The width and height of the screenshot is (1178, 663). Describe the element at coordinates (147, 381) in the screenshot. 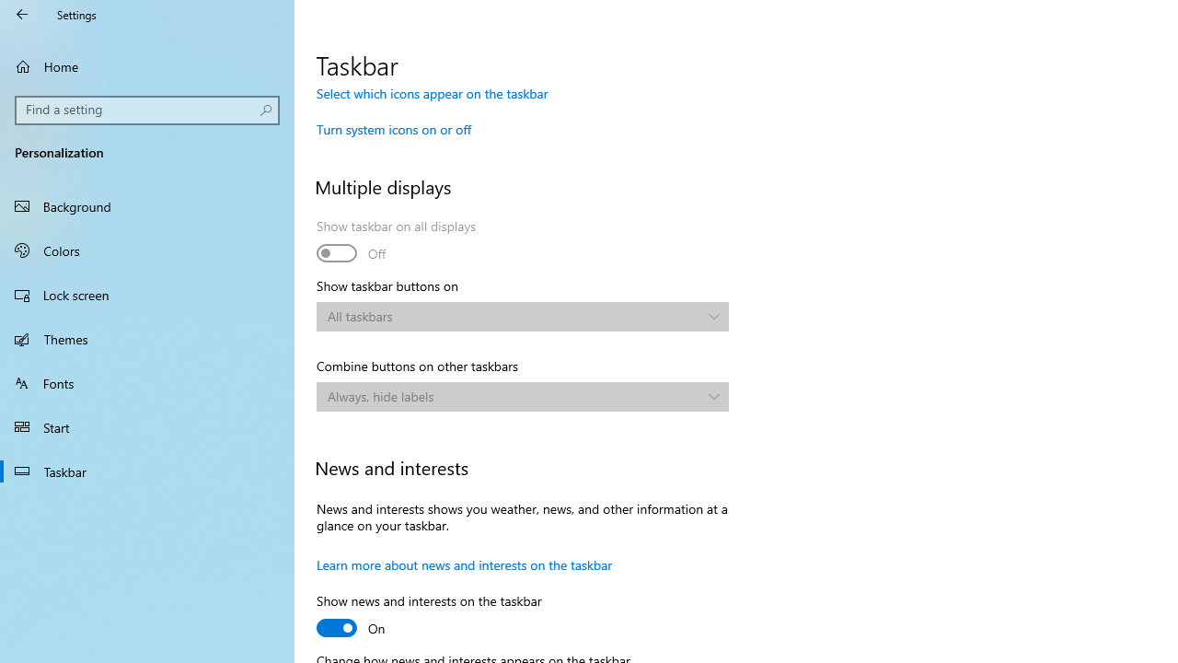

I see `'Fonts'` at that location.